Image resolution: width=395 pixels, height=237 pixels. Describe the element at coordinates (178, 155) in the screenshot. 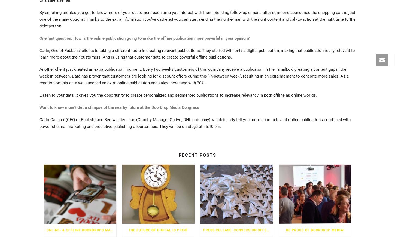

I see `'Recent Posts'` at that location.